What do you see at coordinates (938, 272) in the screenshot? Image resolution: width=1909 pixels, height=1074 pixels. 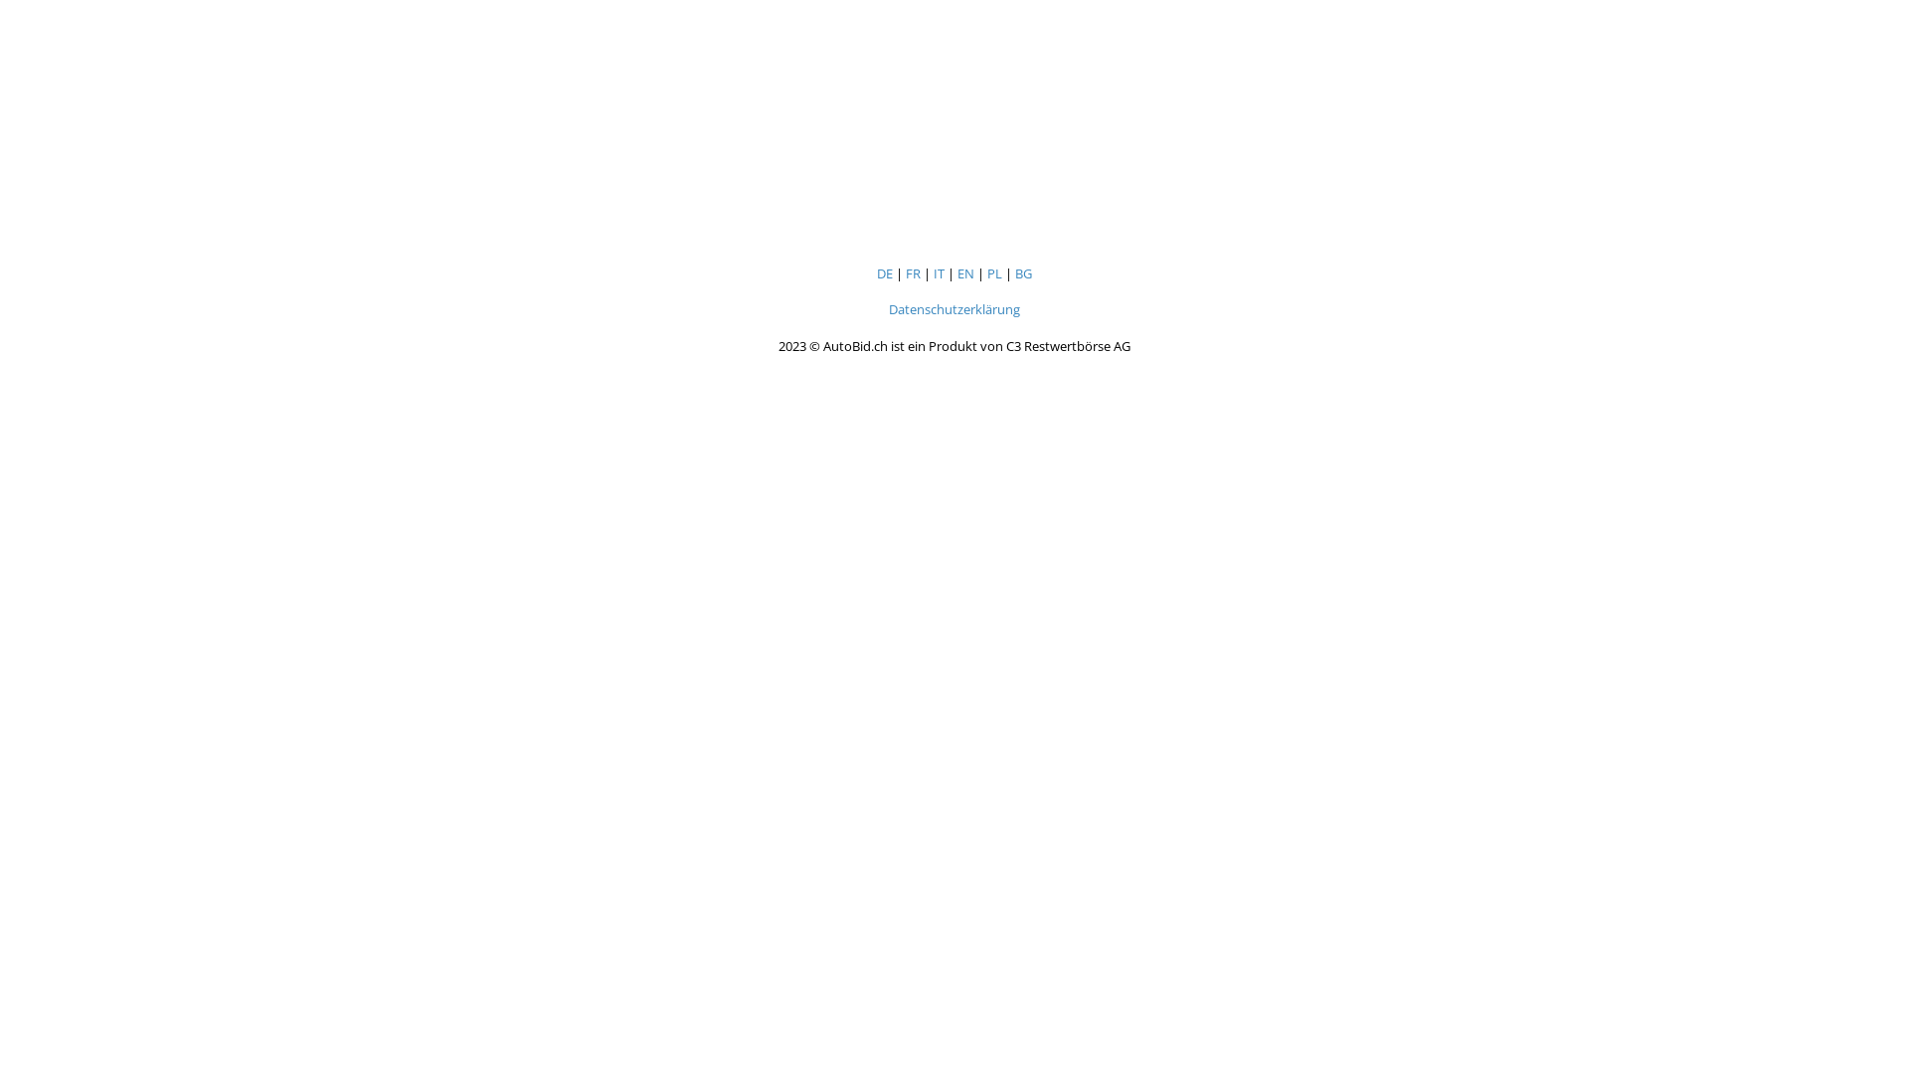 I see `'IT'` at bounding box center [938, 272].